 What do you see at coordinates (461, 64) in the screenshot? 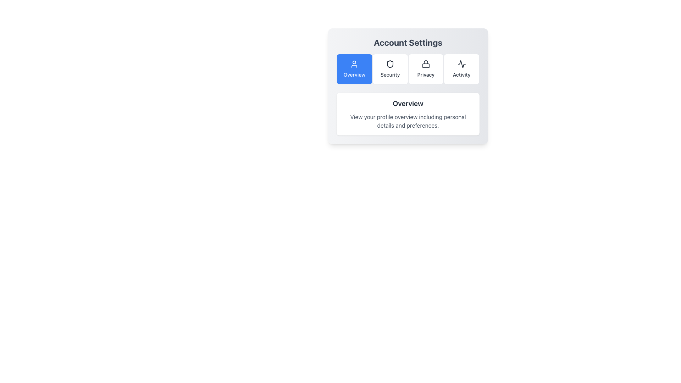
I see `the activity monitor icon located in the 'Activity' tab of the 'Account Settings' interface, which is the fourth icon from the left in the row of tabs` at bounding box center [461, 64].